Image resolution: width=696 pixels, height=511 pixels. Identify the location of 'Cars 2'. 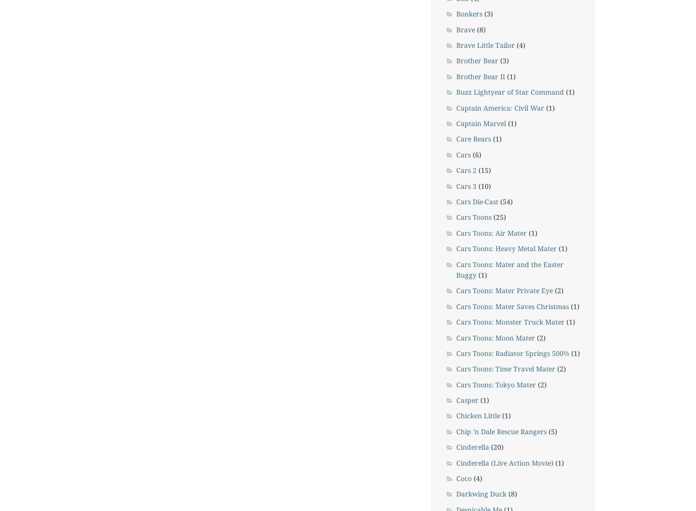
(456, 170).